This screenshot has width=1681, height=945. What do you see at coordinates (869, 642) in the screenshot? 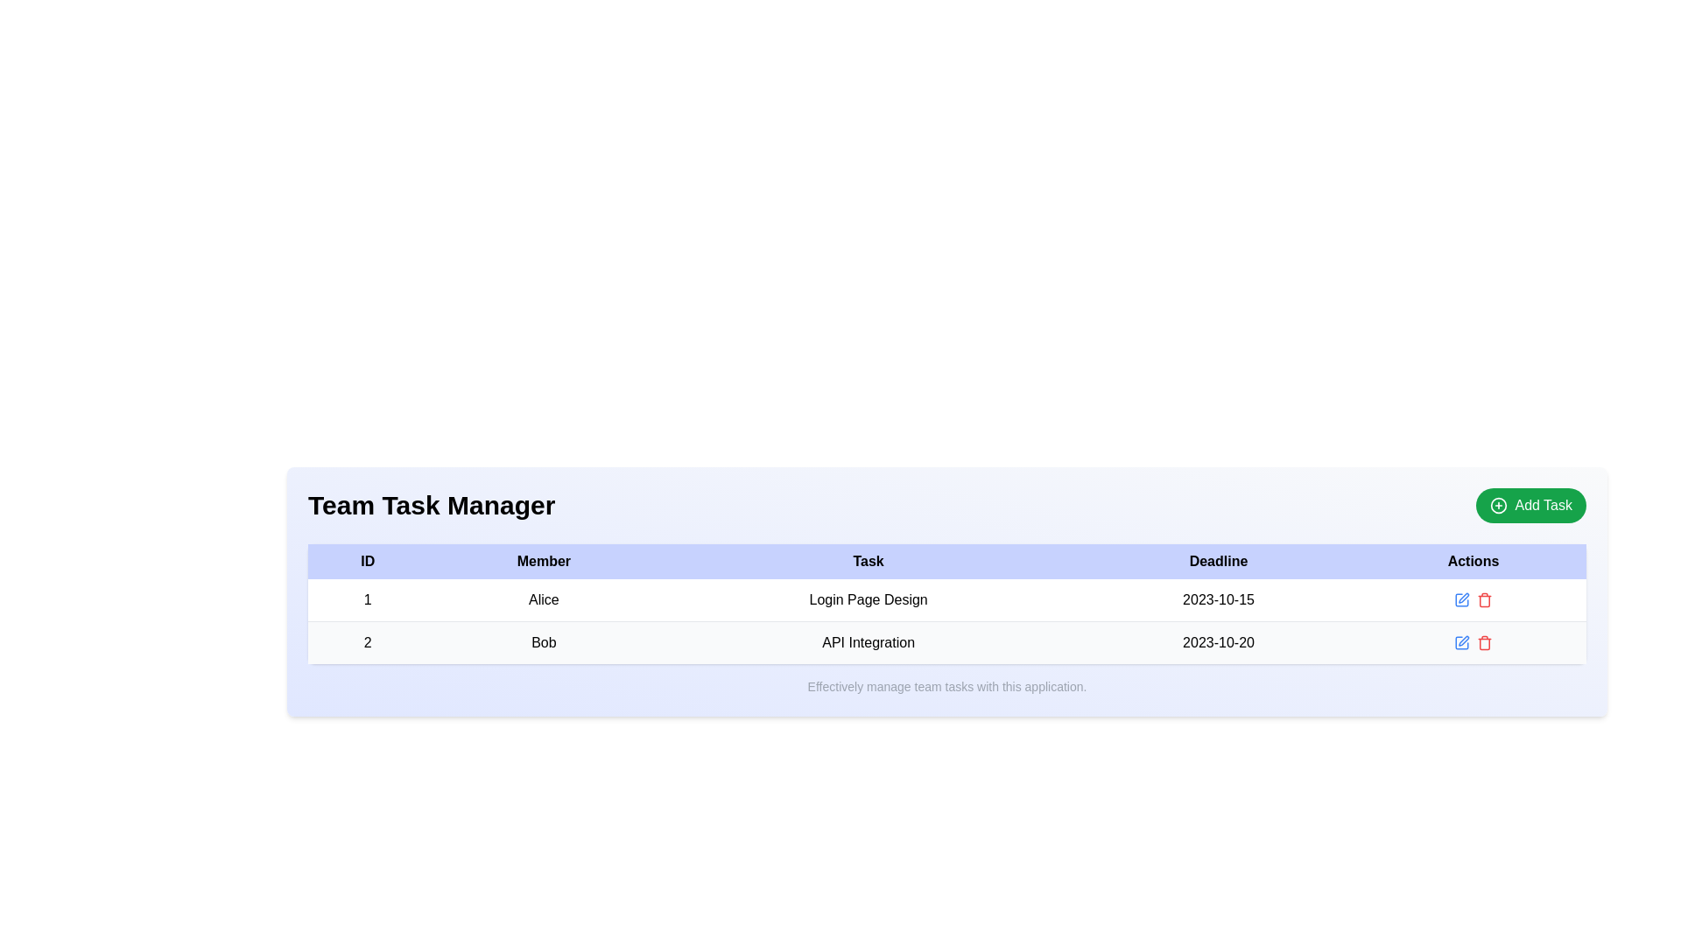
I see `the Label in the third column of the second row of the table that informs users about Bob's specific task` at bounding box center [869, 642].